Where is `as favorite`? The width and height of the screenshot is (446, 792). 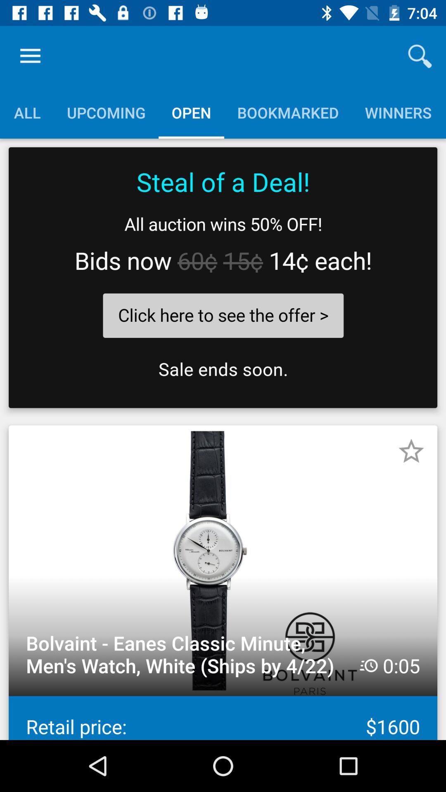
as favorite is located at coordinates (411, 451).